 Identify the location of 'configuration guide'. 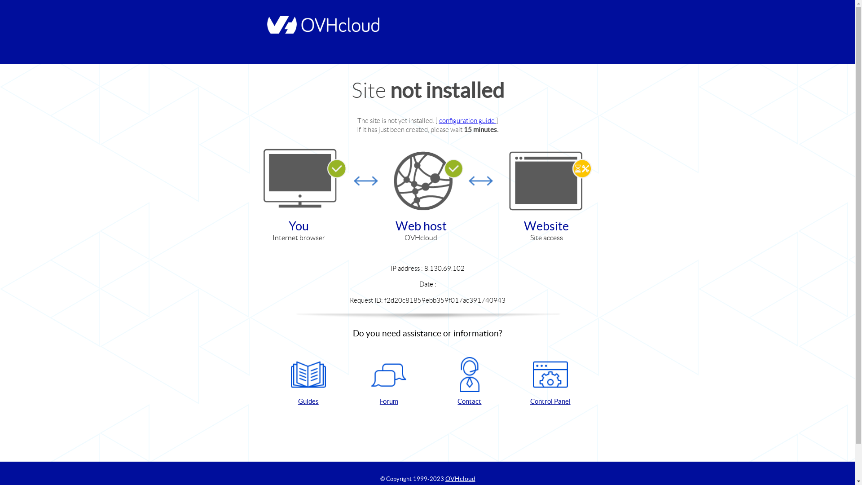
(467, 120).